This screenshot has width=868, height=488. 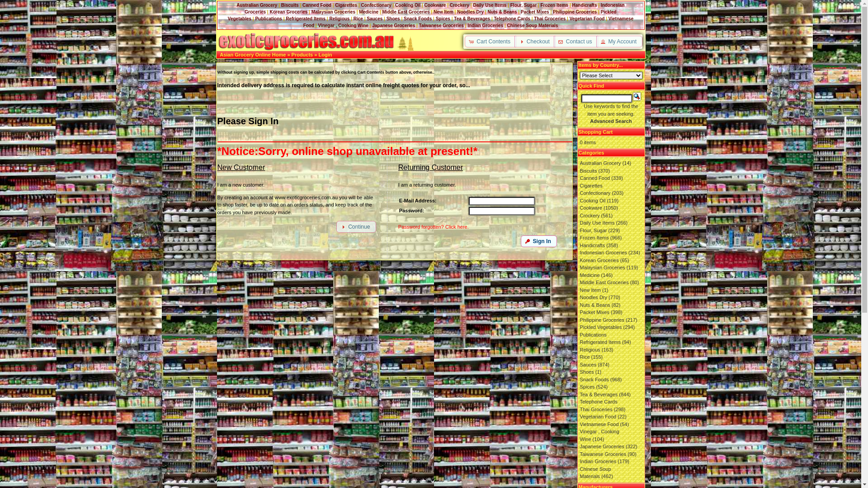 I want to click on 'Spices', so click(x=443, y=19).